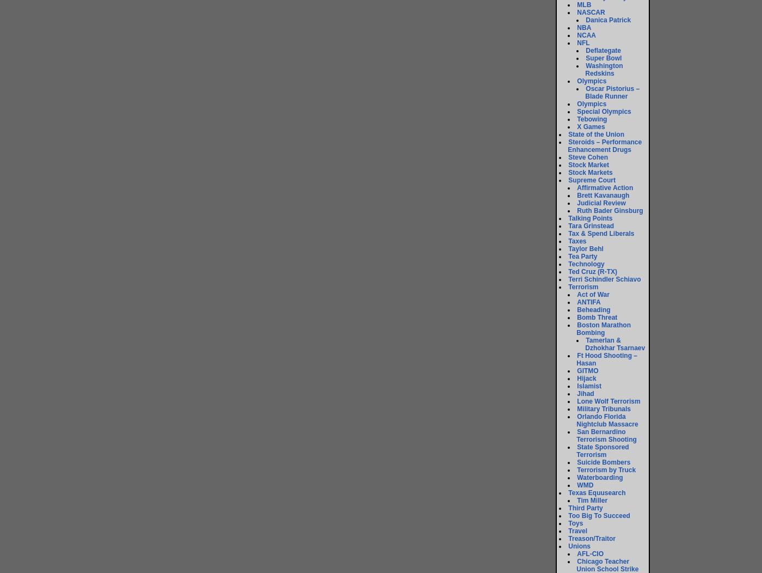 The image size is (762, 573). I want to click on 'Ruth Bader Ginsburg', so click(610, 211).